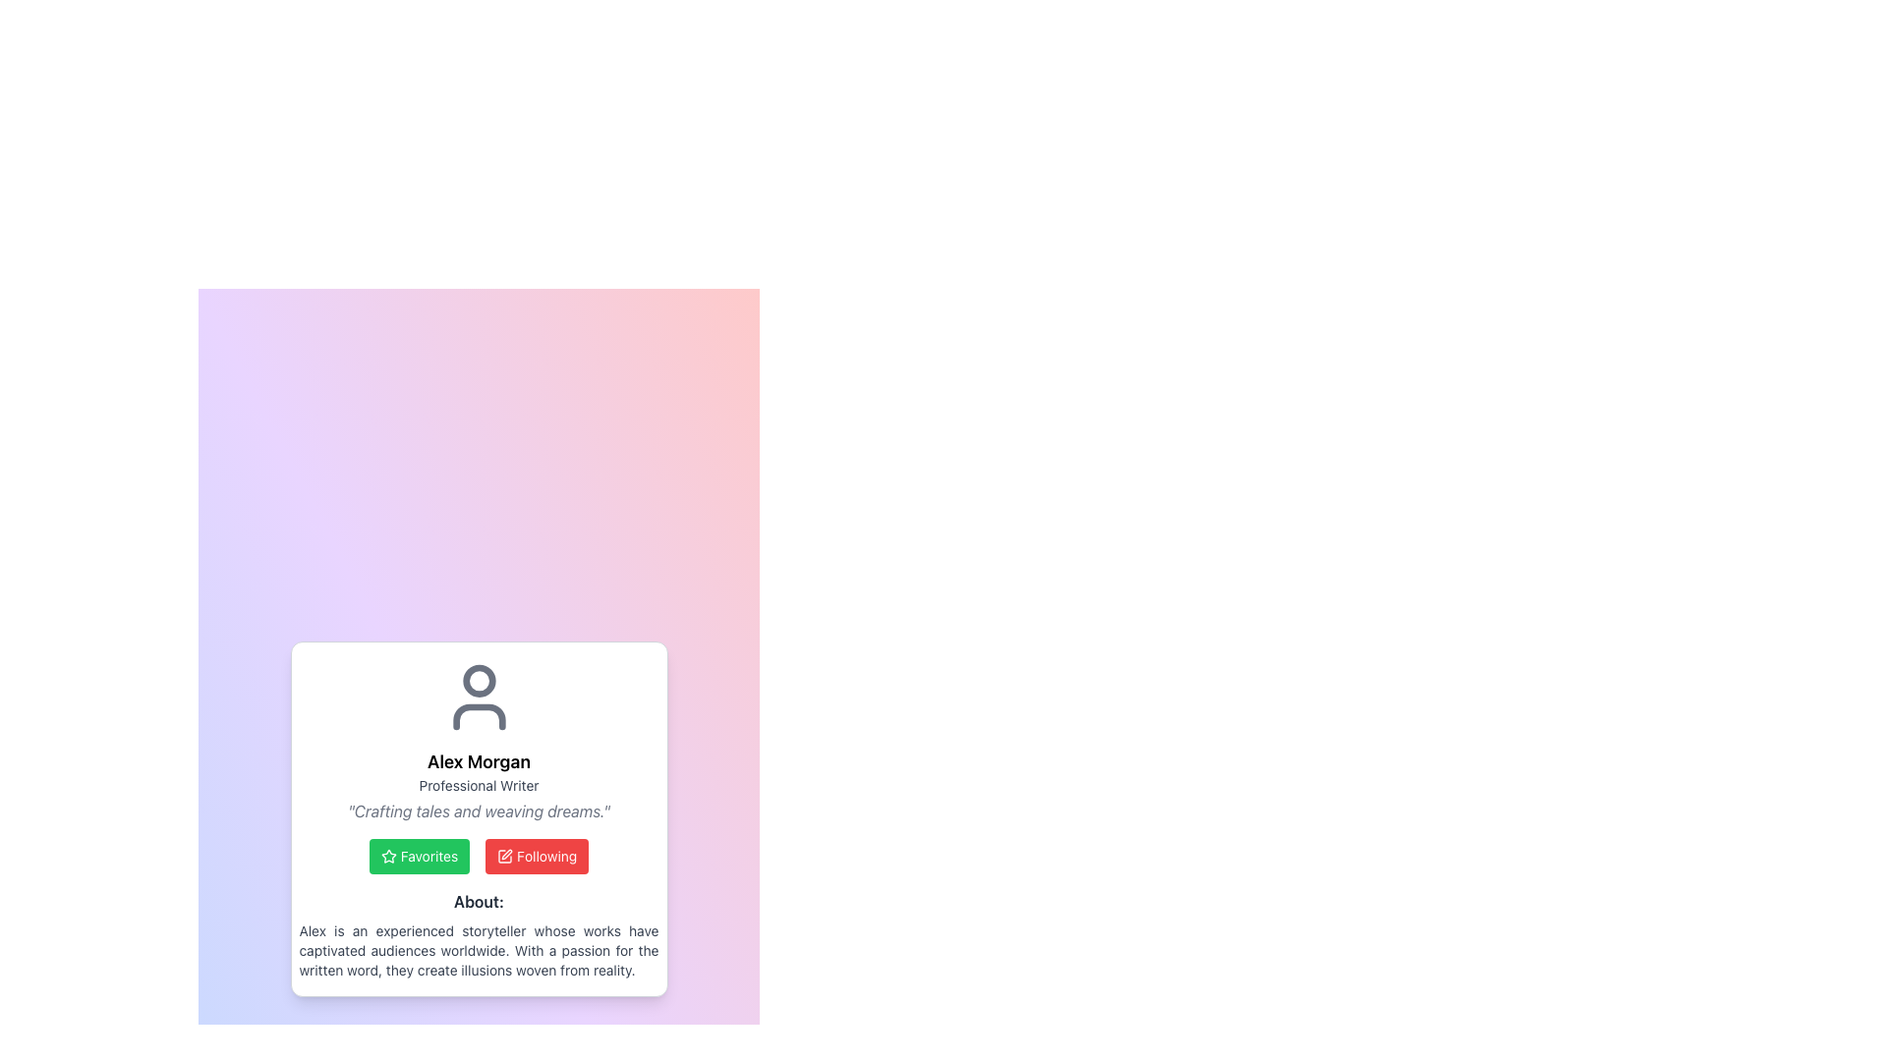  Describe the element at coordinates (505, 855) in the screenshot. I see `the small white icon with a pen overlay on the red 'Following' button, which is located in the lower section of the card interface` at that location.